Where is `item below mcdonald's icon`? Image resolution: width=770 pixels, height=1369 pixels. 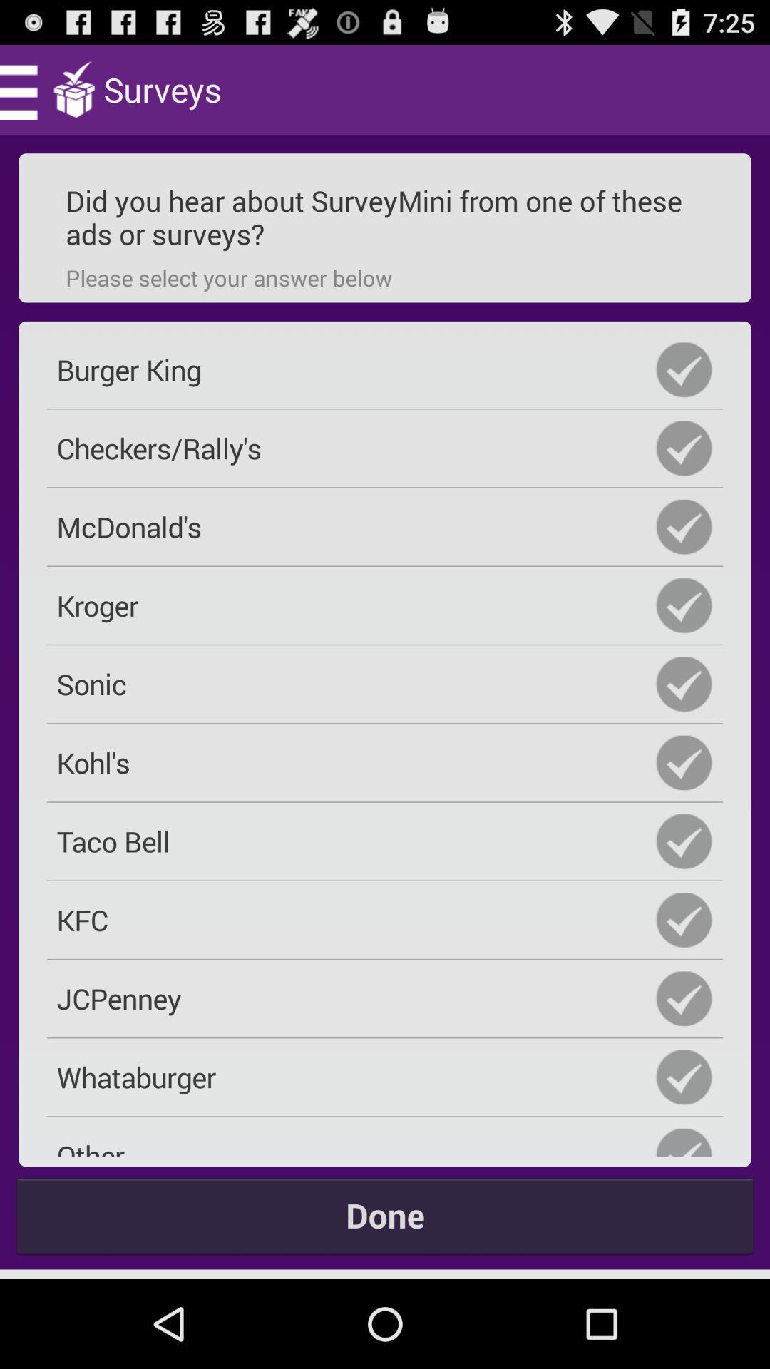 item below mcdonald's icon is located at coordinates (385, 605).